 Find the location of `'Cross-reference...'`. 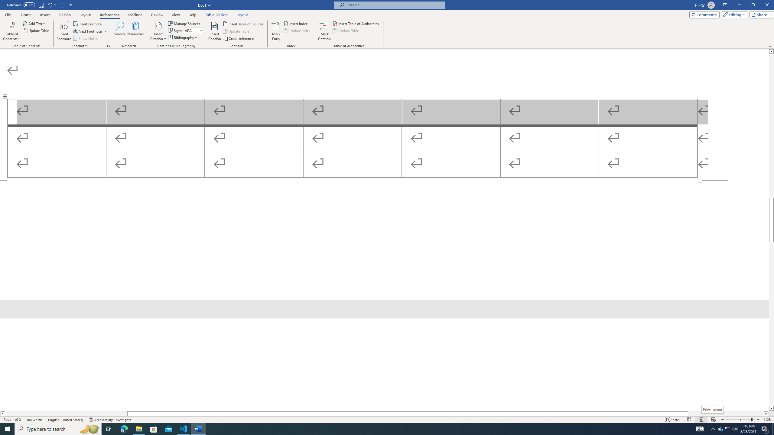

'Cross-reference...' is located at coordinates (238, 38).